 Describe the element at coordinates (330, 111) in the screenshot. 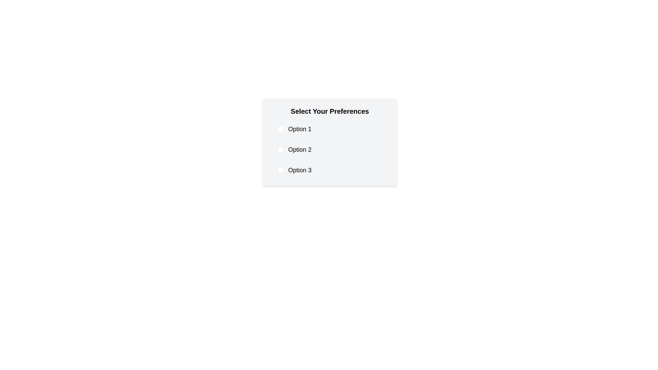

I see `the Text label that serves as a title or header, located at the top of the group's layout` at that location.